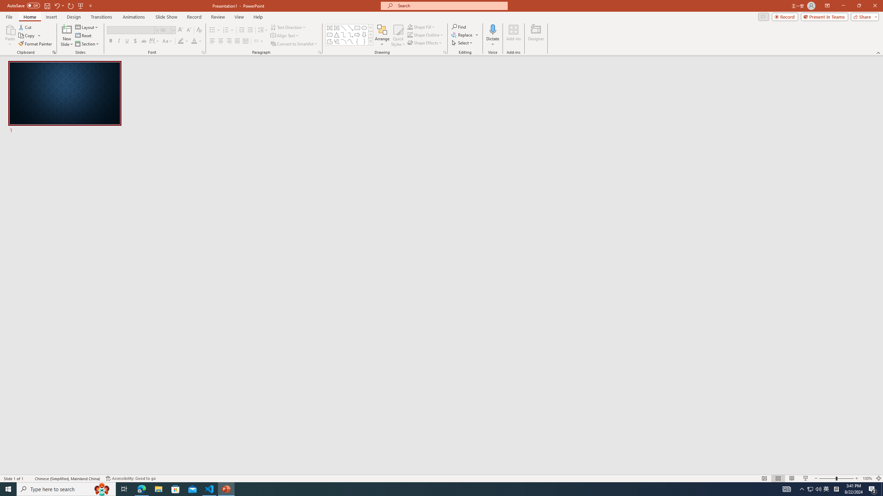  What do you see at coordinates (336, 34) in the screenshot?
I see `'Isosceles Triangle'` at bounding box center [336, 34].